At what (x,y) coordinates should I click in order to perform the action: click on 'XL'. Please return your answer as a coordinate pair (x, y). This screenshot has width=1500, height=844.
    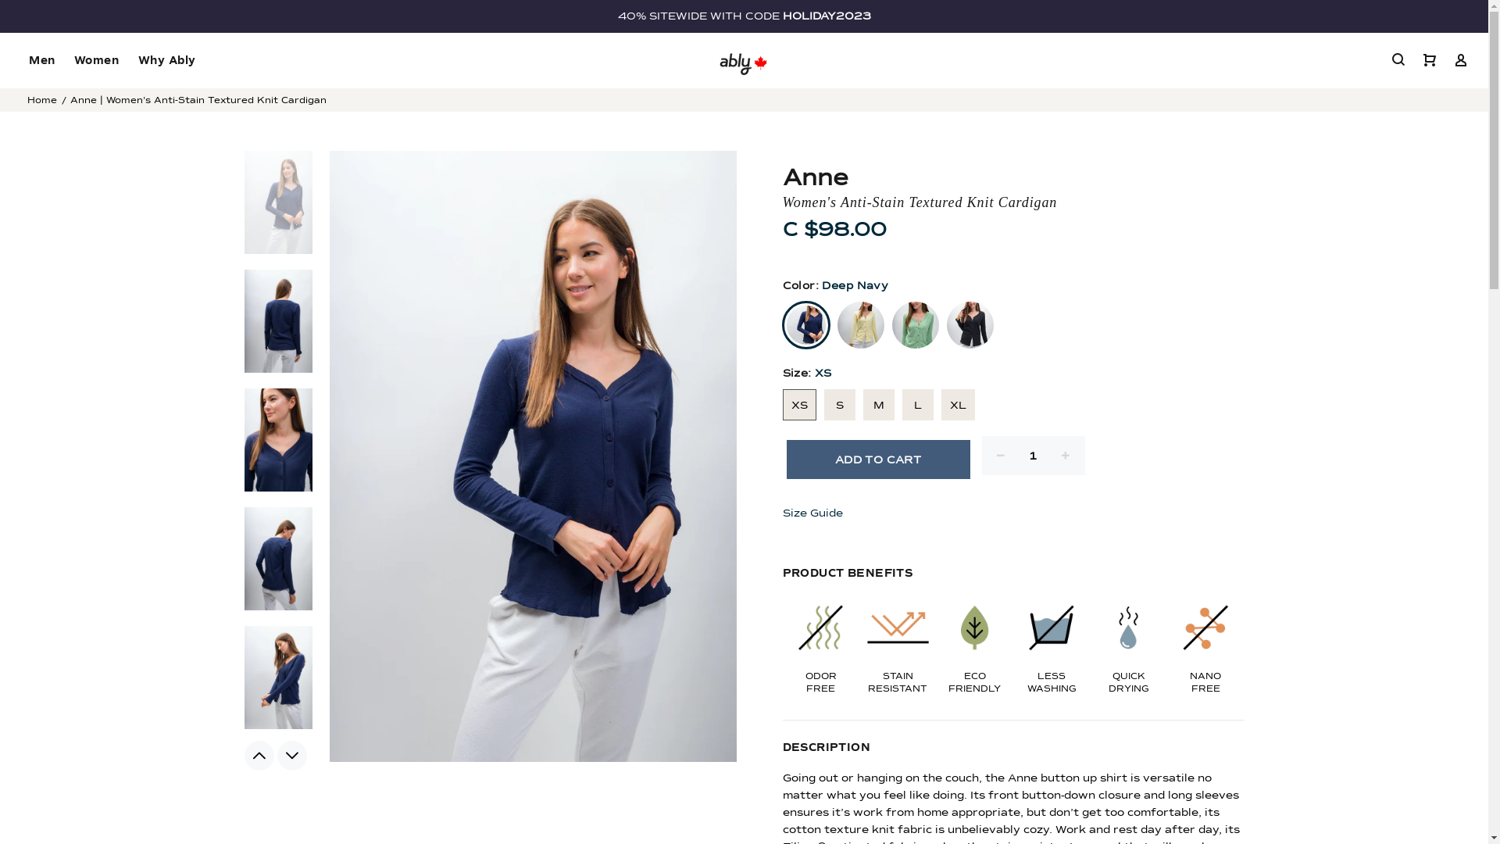
    Looking at the image, I should click on (956, 403).